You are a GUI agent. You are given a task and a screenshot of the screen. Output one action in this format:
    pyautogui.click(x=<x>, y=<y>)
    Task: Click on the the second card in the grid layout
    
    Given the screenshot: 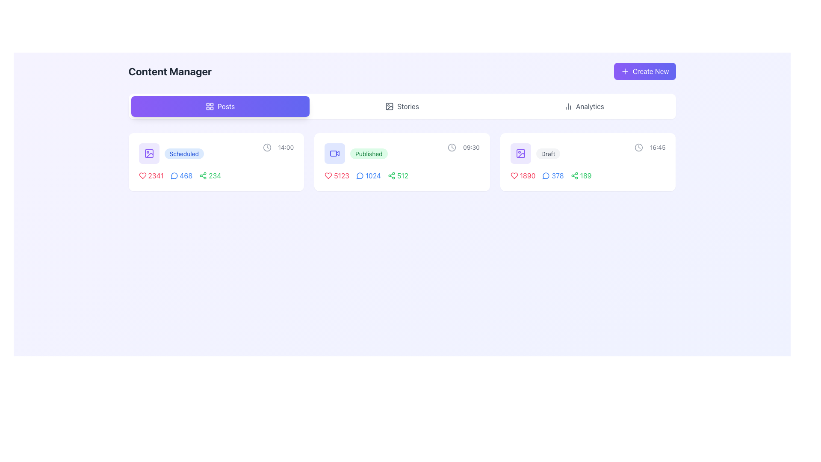 What is the action you would take?
    pyautogui.click(x=402, y=162)
    